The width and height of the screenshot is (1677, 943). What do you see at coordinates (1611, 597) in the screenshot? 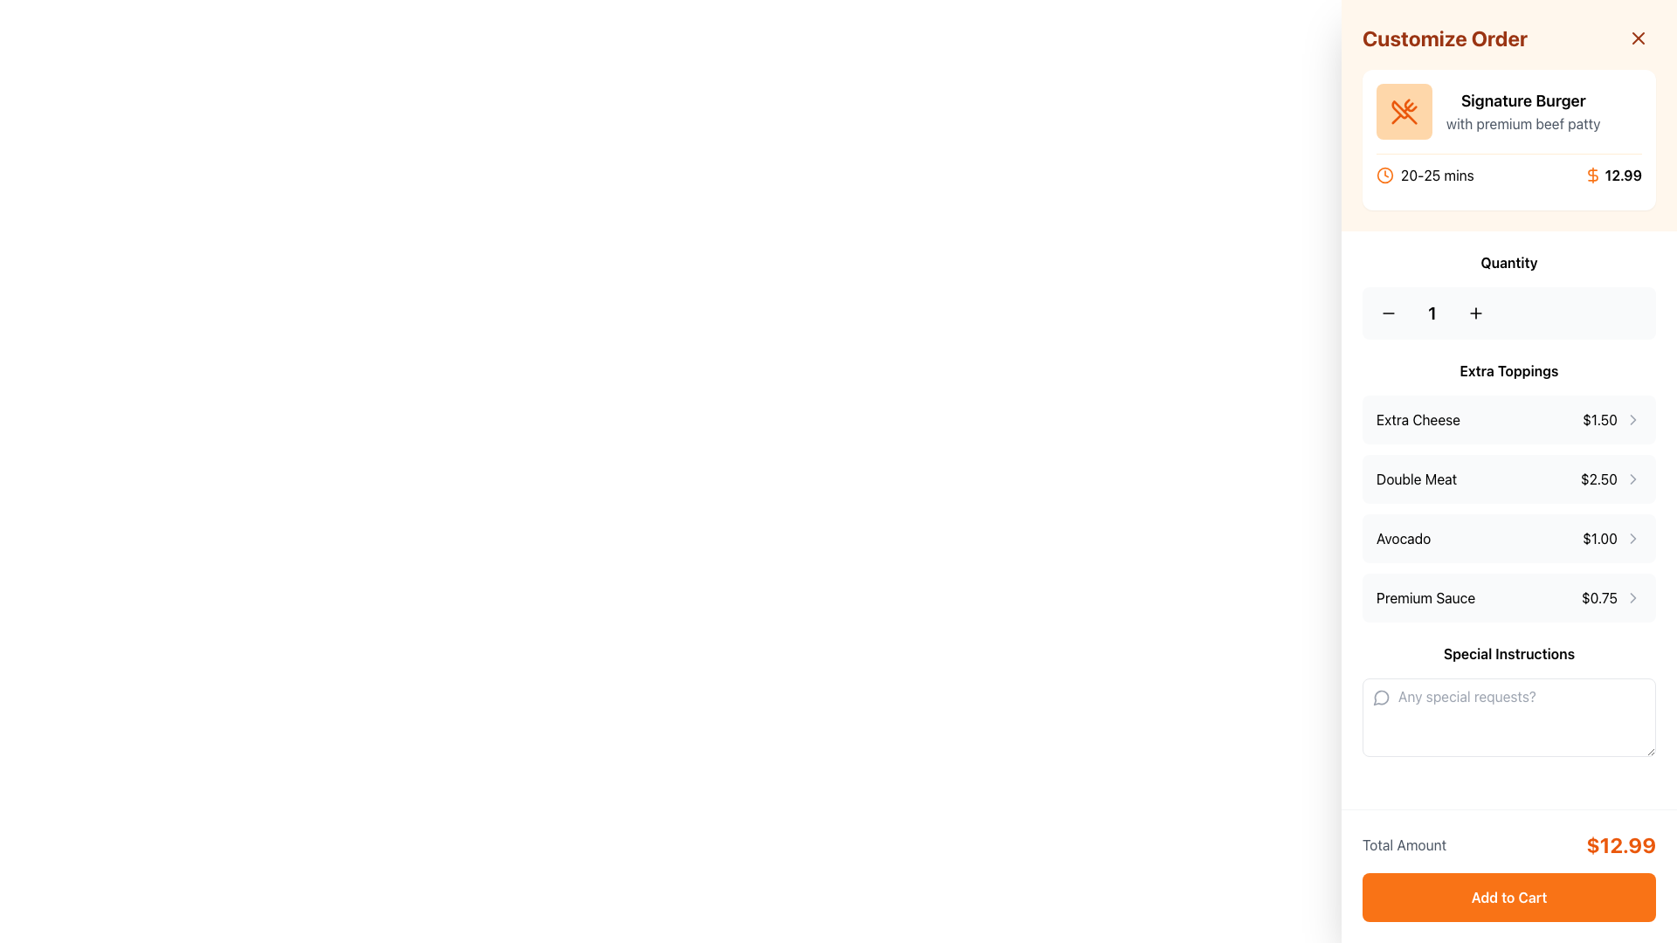
I see `the clickable label displaying the price of the 'Premium Sauce' topping` at bounding box center [1611, 597].